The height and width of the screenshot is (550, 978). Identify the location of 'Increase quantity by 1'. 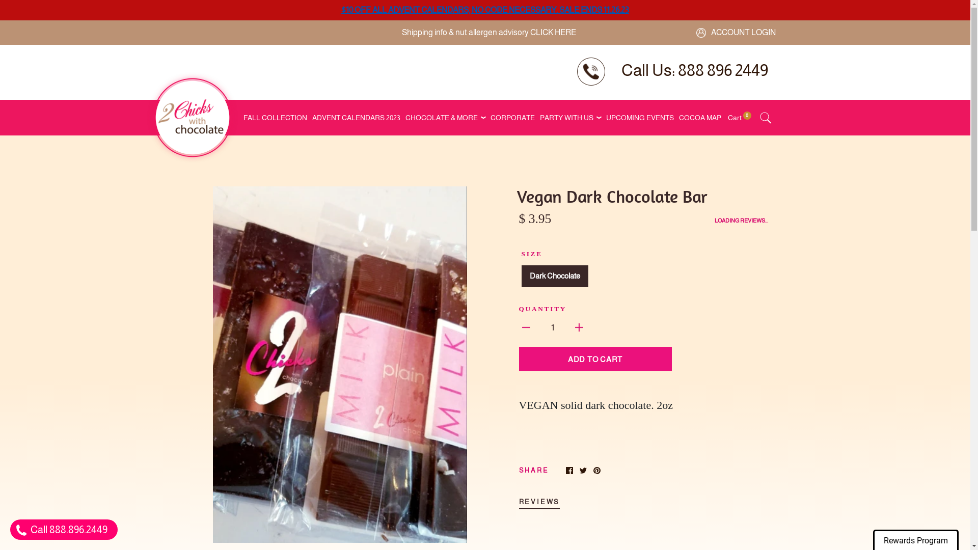
(579, 326).